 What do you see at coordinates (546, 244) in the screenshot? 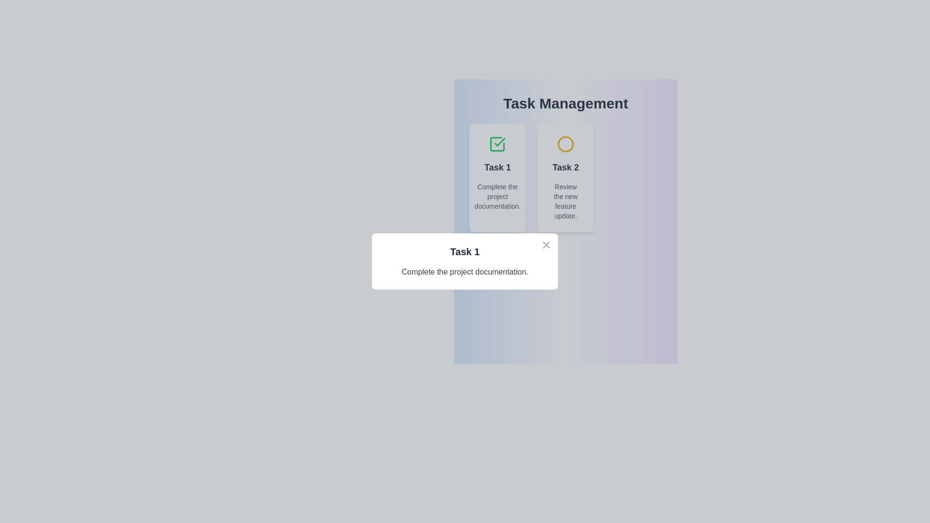
I see `the close button located in the top-right corner of the 'Task 1' panel` at bounding box center [546, 244].